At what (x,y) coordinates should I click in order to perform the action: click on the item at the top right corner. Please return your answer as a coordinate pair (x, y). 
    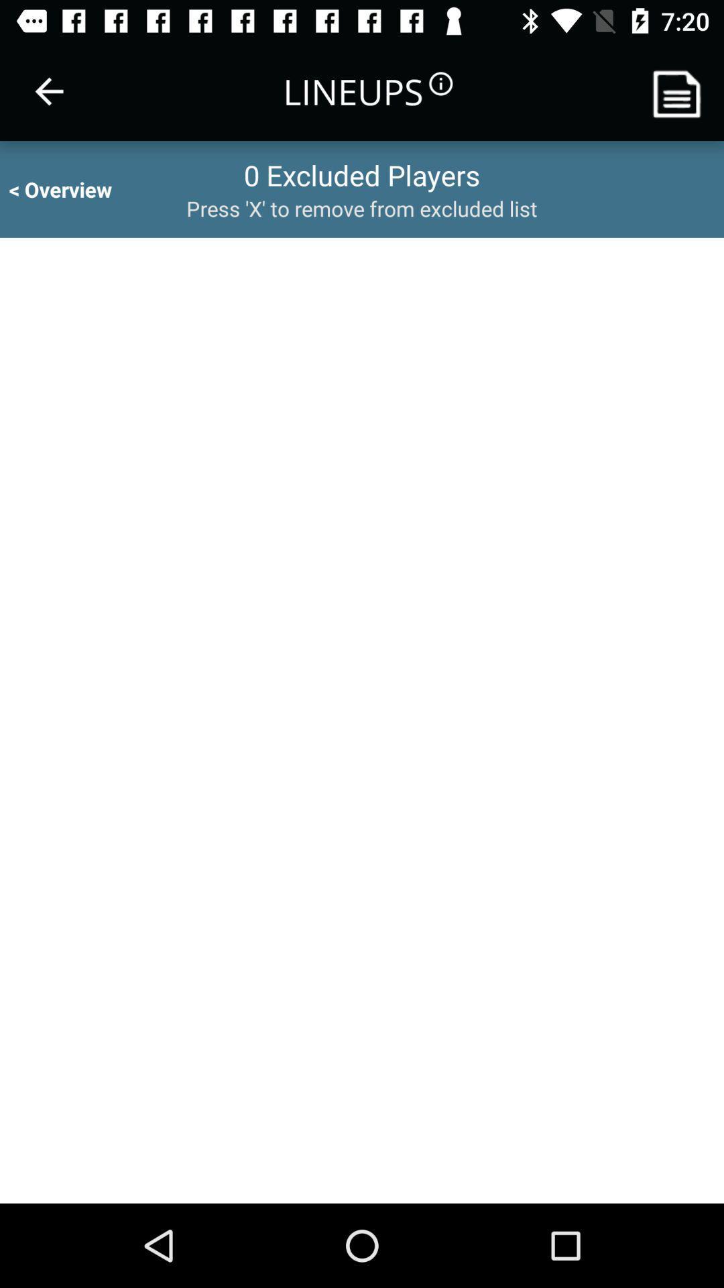
    Looking at the image, I should click on (682, 91).